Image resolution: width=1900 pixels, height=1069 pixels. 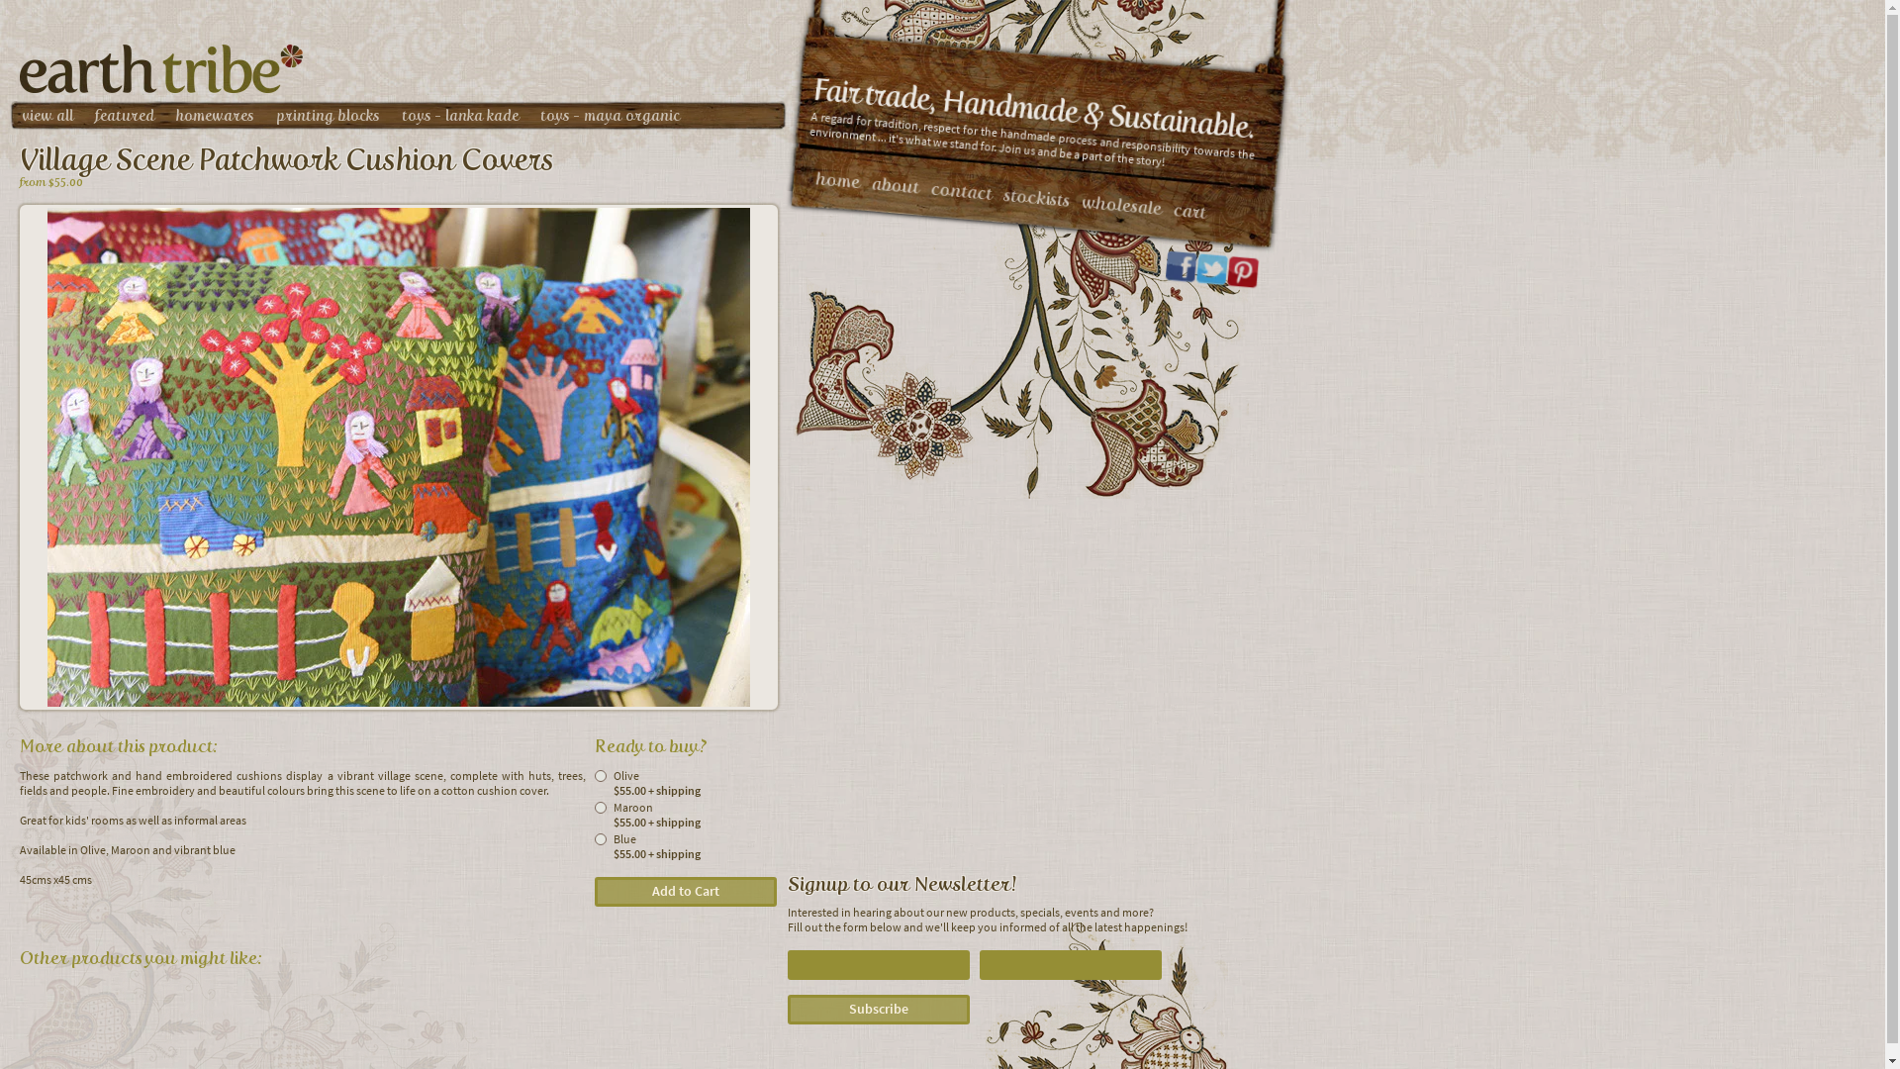 What do you see at coordinates (878, 1009) in the screenshot?
I see `'Subscribe'` at bounding box center [878, 1009].